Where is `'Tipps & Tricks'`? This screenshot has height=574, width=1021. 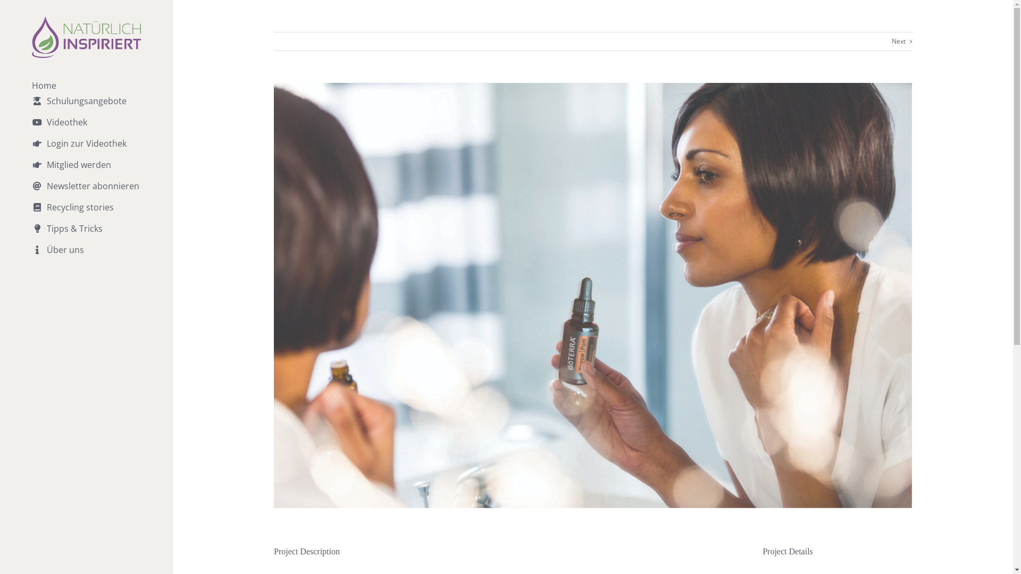
'Tipps & Tricks' is located at coordinates (86, 234).